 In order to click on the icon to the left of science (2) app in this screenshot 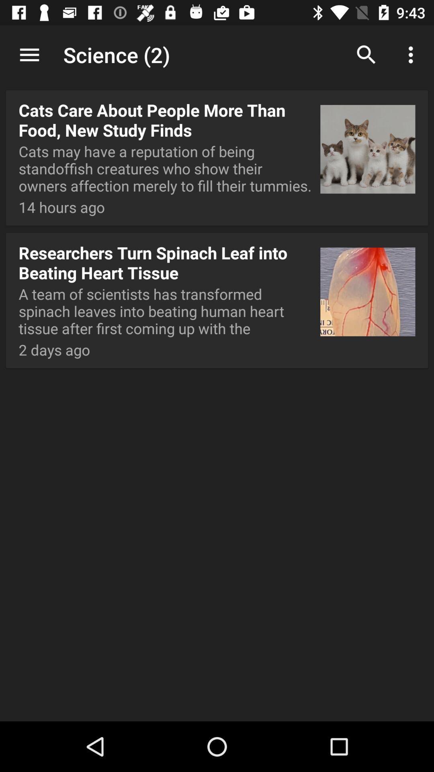, I will do `click(29, 54)`.